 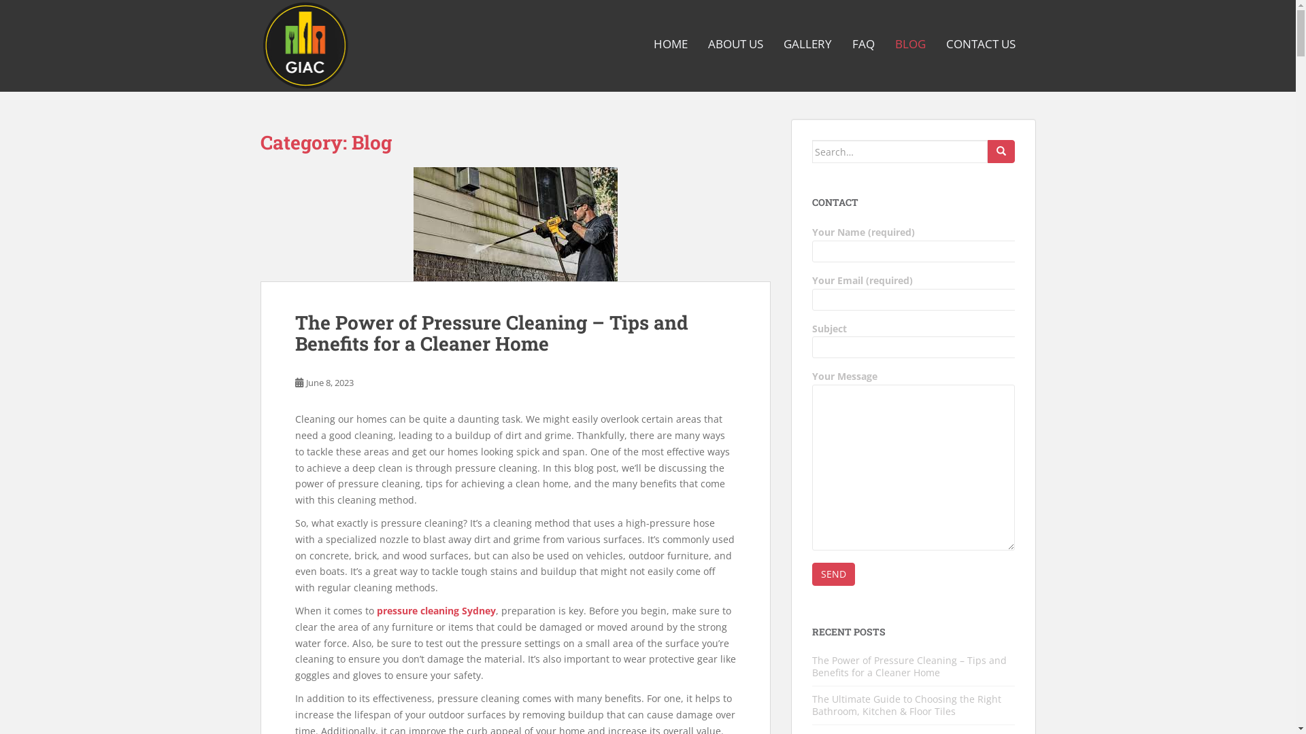 What do you see at coordinates (910, 43) in the screenshot?
I see `'BLOG'` at bounding box center [910, 43].